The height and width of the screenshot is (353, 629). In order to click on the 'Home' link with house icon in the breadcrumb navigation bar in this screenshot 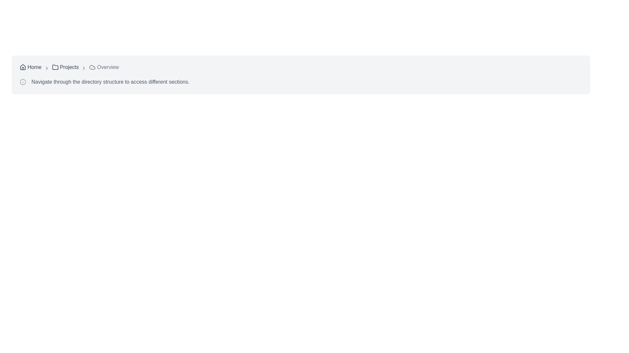, I will do `click(30, 67)`.